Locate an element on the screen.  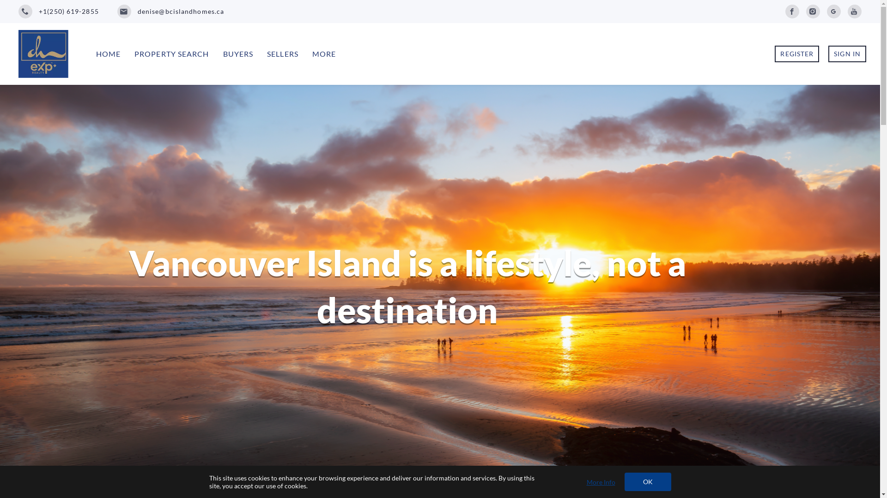
'MORE' is located at coordinates (324, 53).